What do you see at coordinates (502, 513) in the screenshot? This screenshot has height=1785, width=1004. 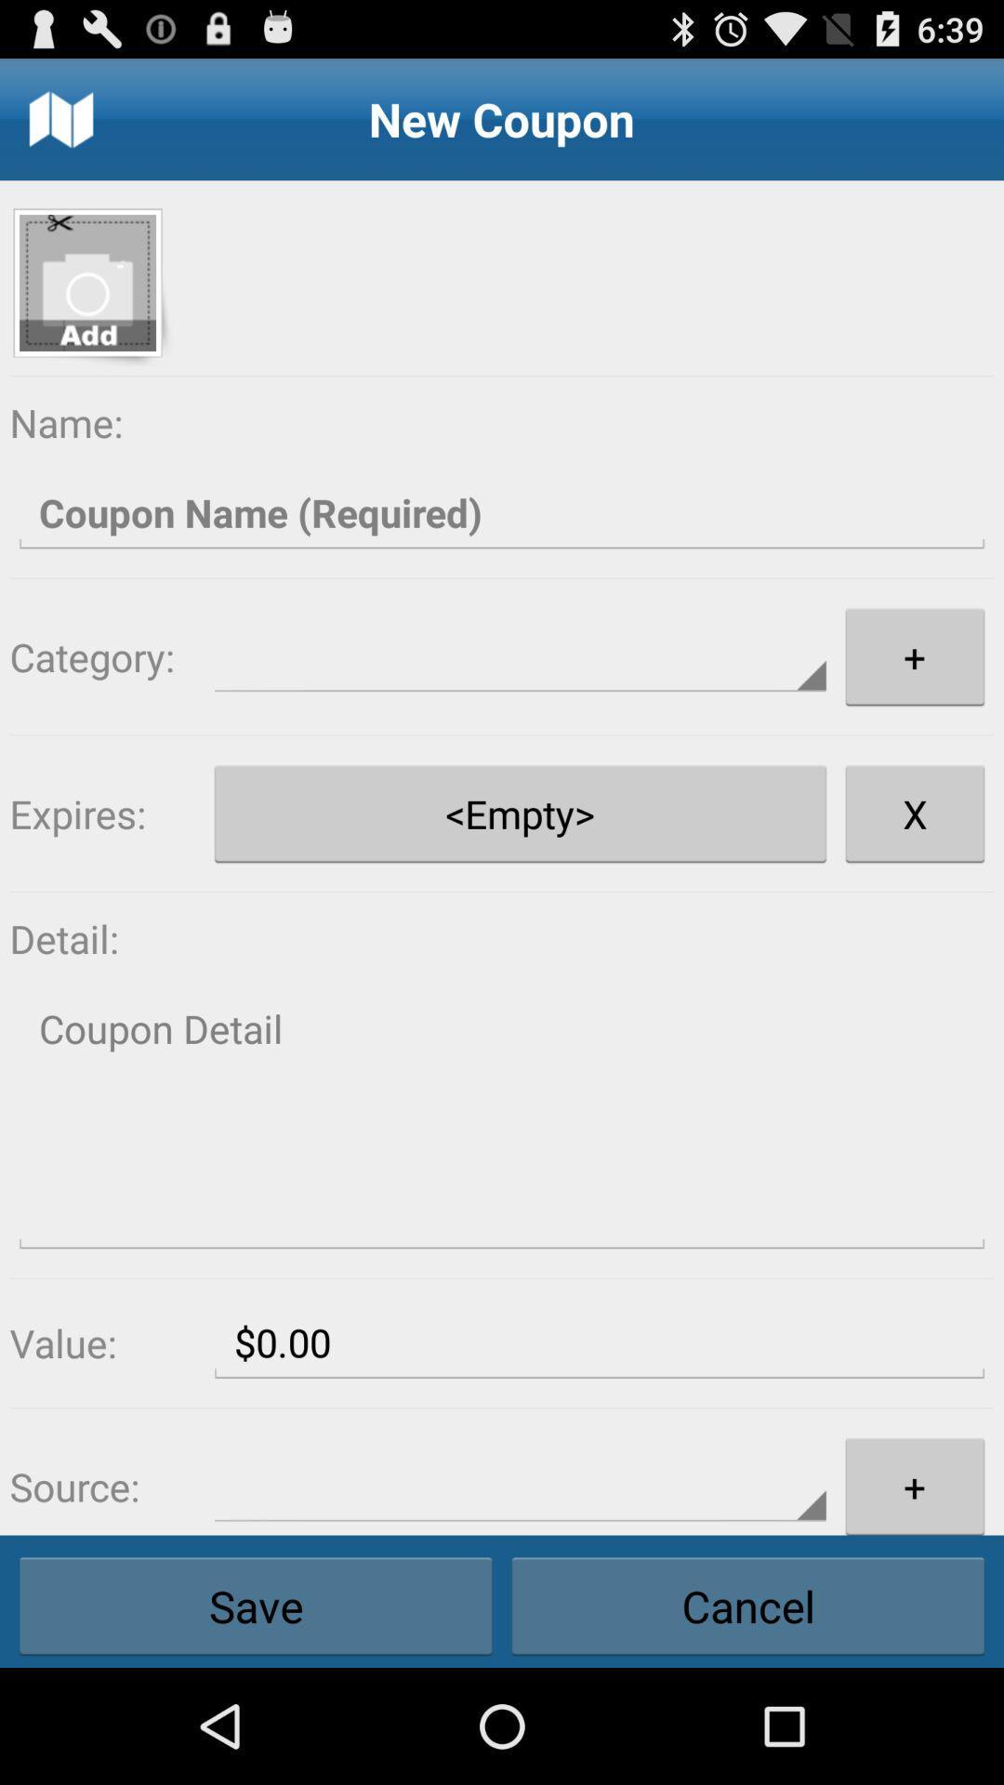 I see `coupon name` at bounding box center [502, 513].